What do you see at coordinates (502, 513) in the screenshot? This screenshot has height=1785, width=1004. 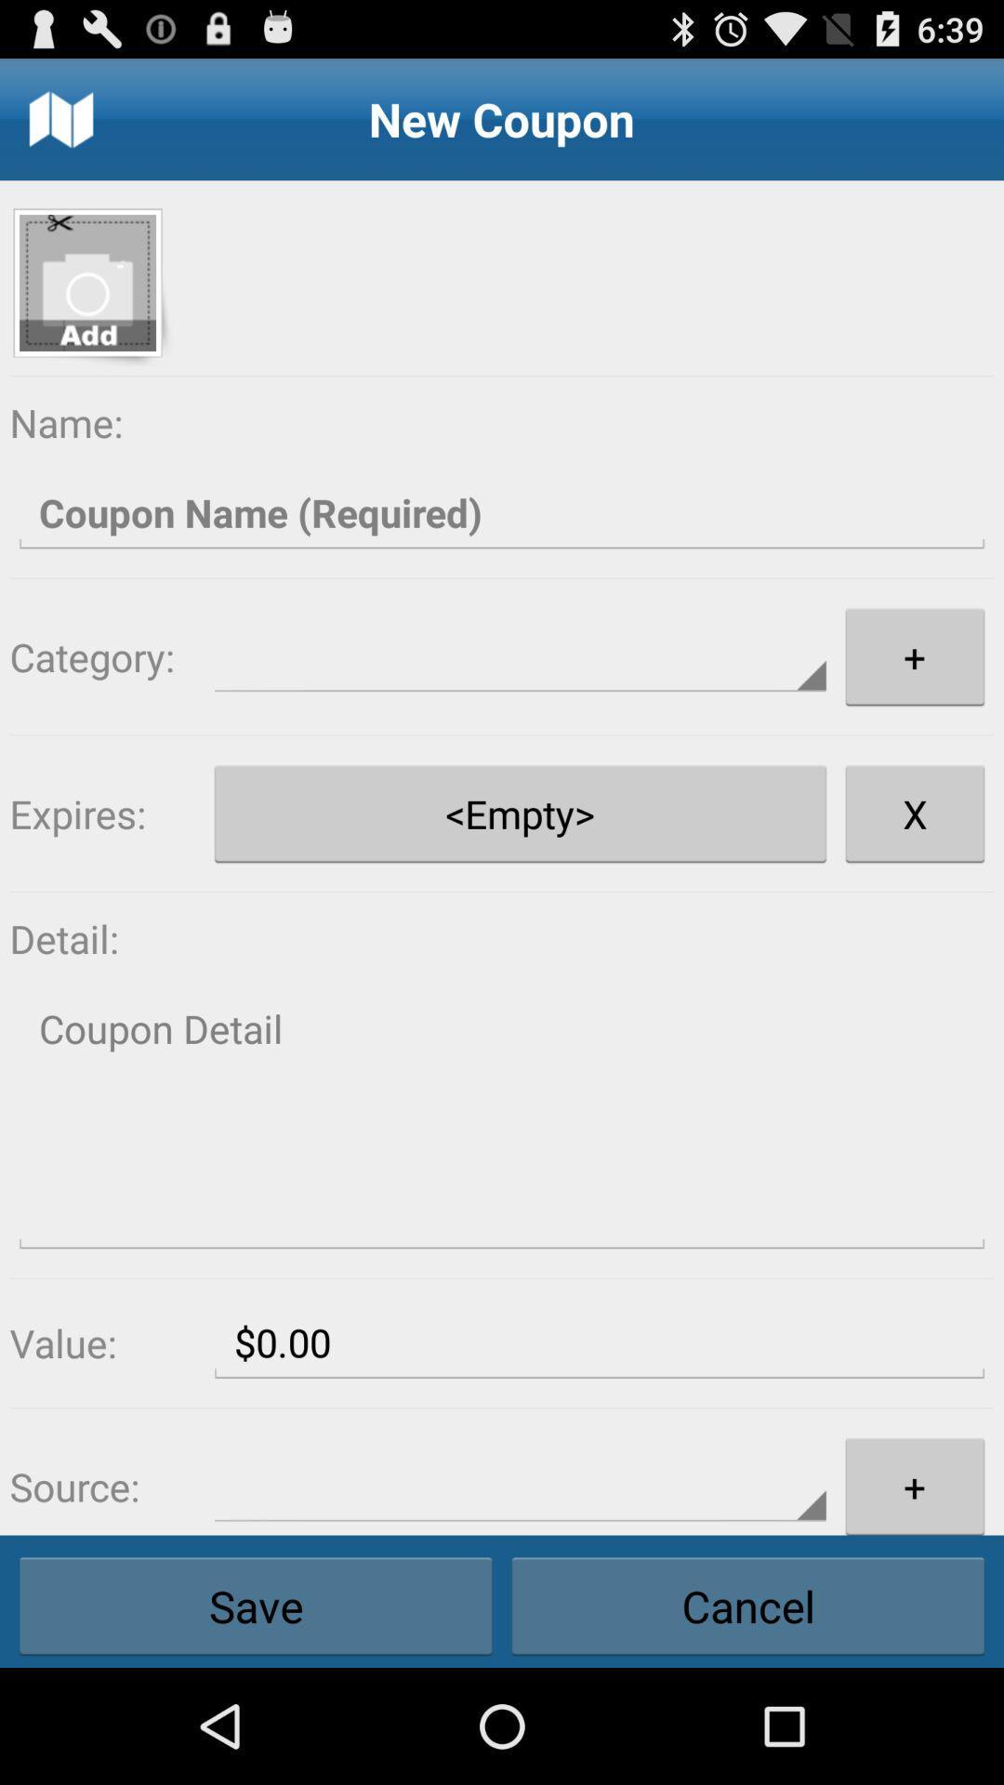 I see `coupon name` at bounding box center [502, 513].